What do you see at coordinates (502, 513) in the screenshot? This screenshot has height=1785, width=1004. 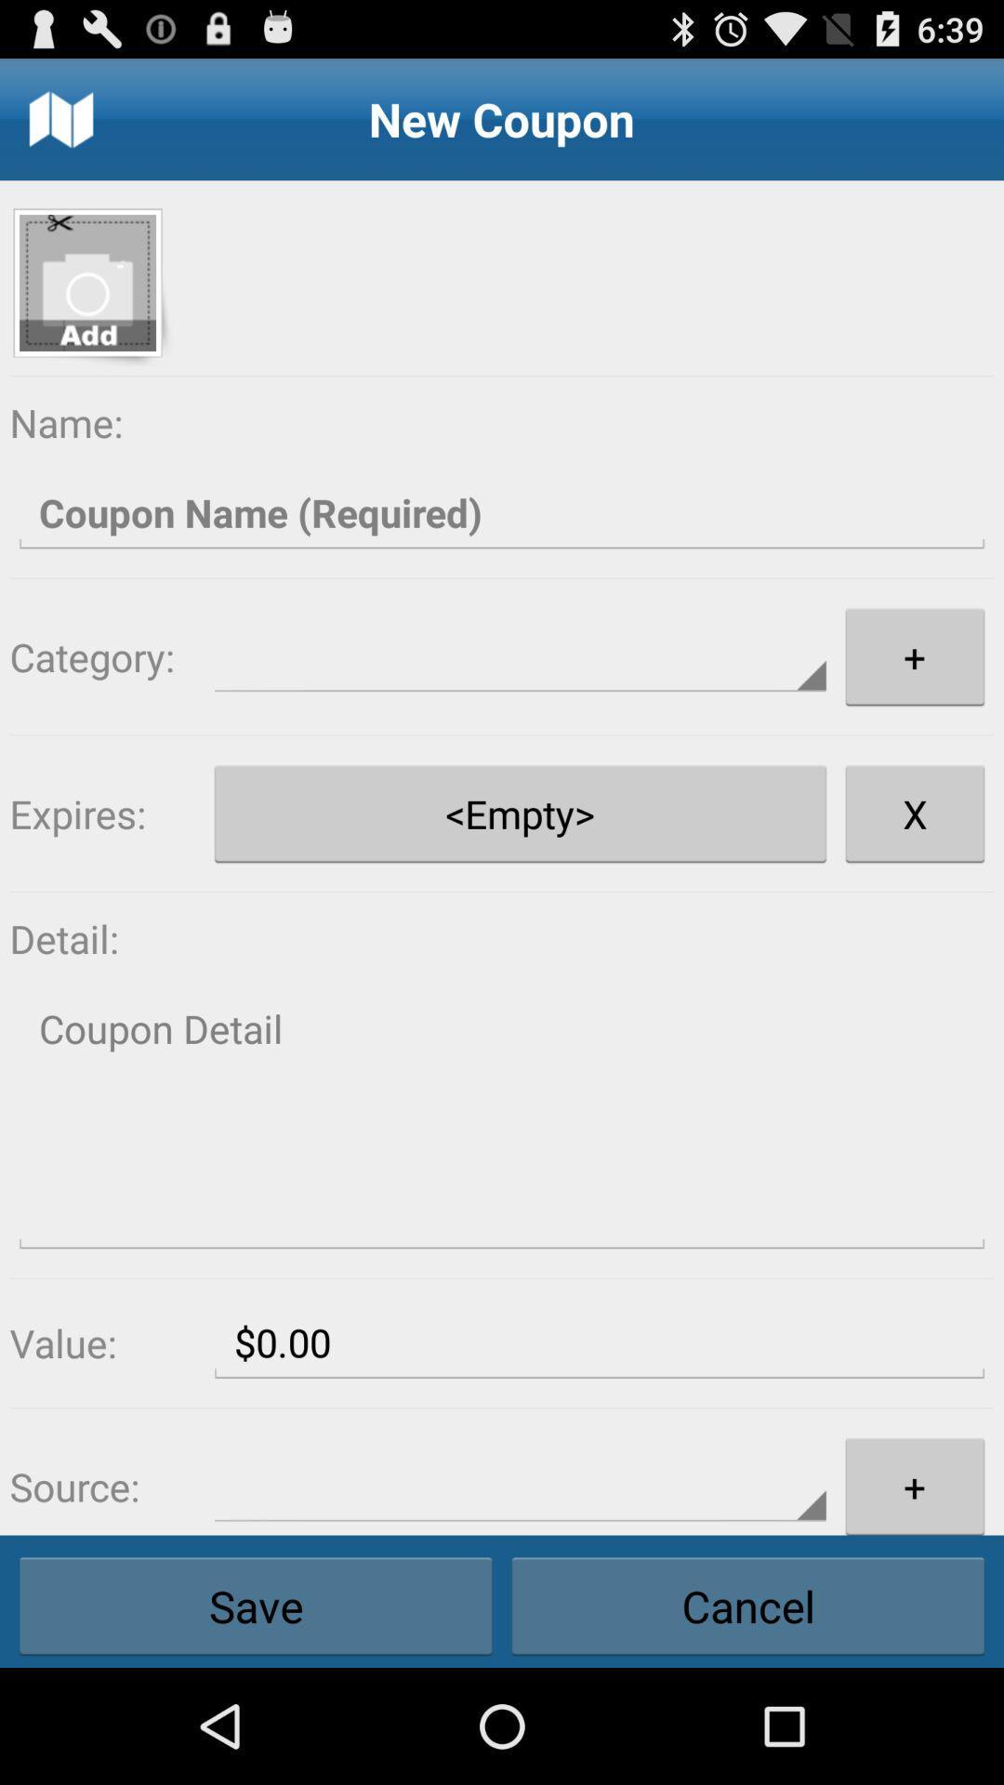 I see `coupon name` at bounding box center [502, 513].